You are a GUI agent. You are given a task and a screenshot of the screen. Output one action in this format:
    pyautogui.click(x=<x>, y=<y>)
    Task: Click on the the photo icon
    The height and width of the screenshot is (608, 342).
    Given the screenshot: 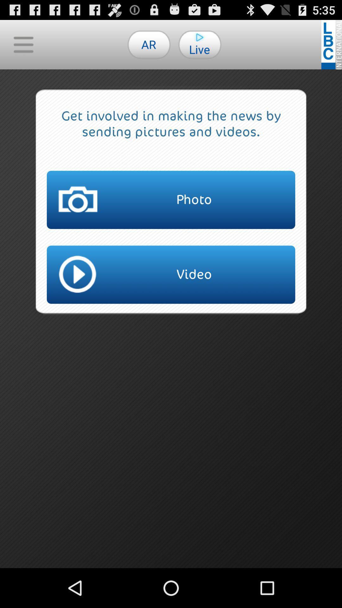 What is the action you would take?
    pyautogui.click(x=171, y=199)
    